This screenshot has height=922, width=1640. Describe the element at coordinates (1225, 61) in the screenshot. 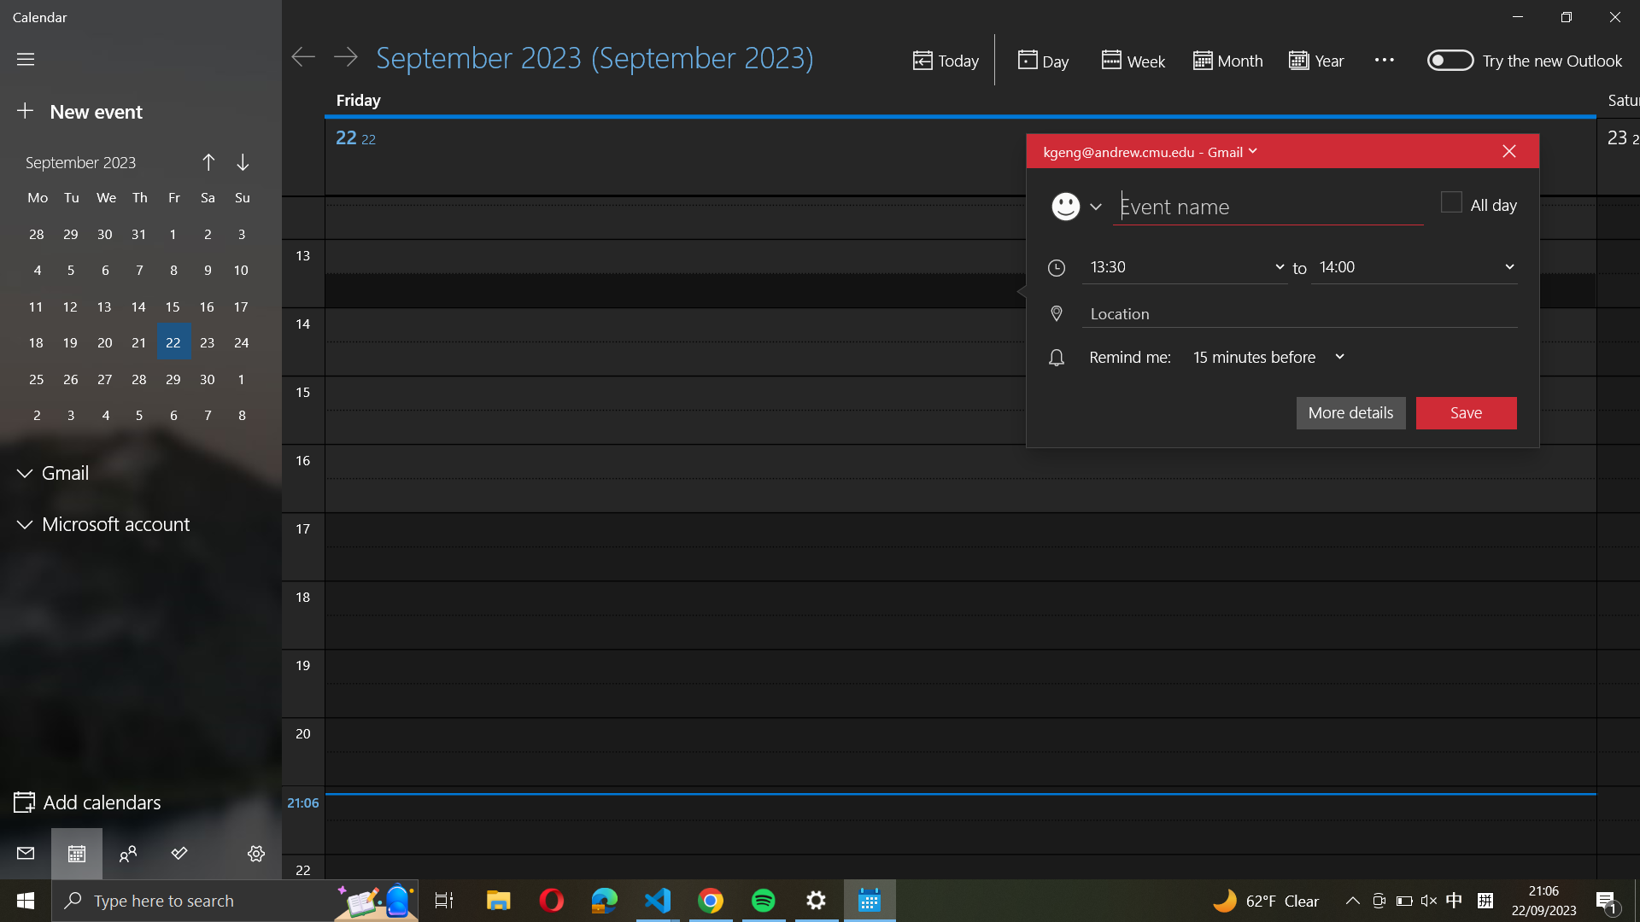

I see `the monthly calendar view` at that location.